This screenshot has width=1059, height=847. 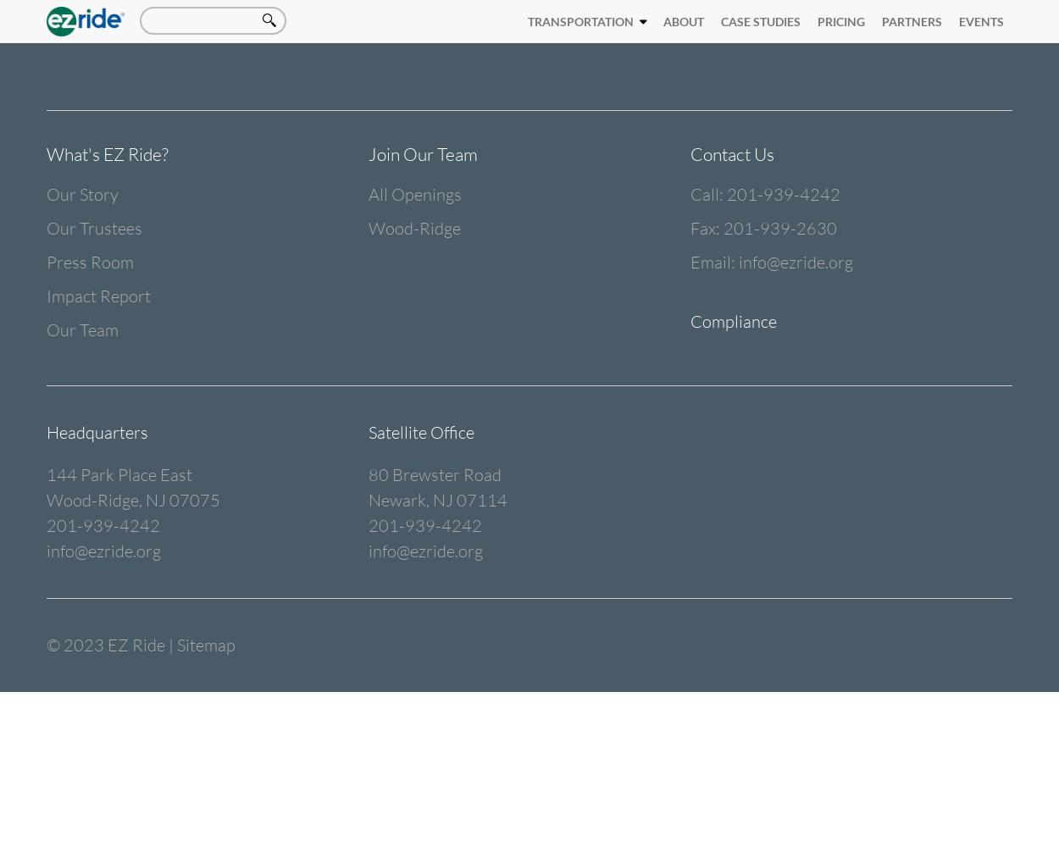 I want to click on 'Fax:', so click(x=690, y=228).